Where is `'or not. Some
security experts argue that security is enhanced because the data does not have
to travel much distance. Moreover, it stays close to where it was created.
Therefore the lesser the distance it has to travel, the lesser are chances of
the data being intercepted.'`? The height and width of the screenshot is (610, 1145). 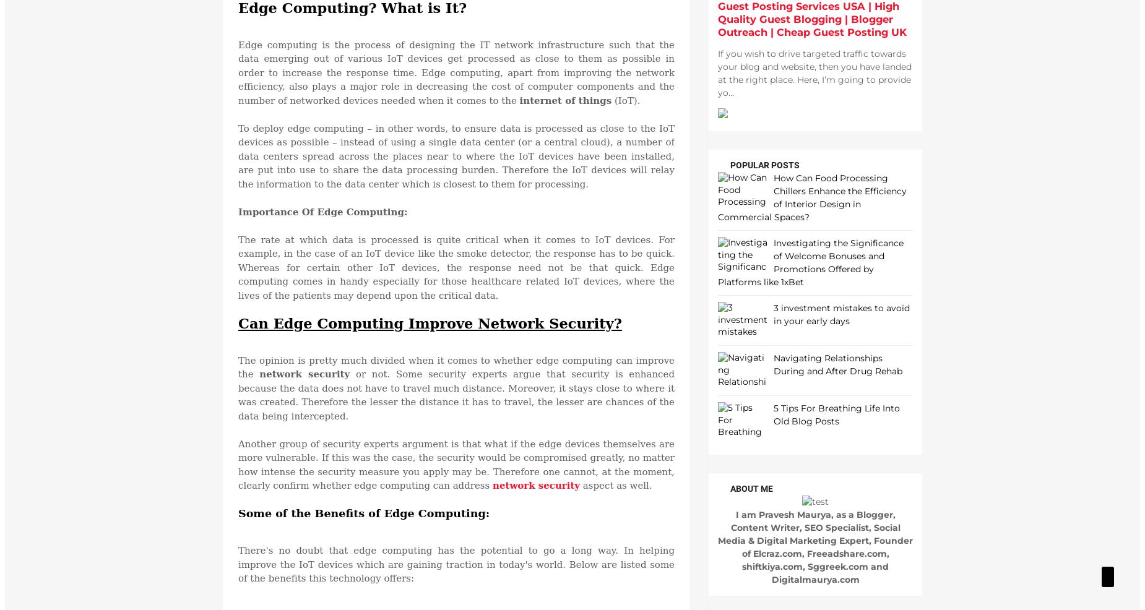 'or not. Some
security experts argue that security is enhanced because the data does not have
to travel much distance. Moreover, it stays close to where it was created.
Therefore the lesser the distance it has to travel, the lesser are chances of
the data being intercepted.' is located at coordinates (456, 395).